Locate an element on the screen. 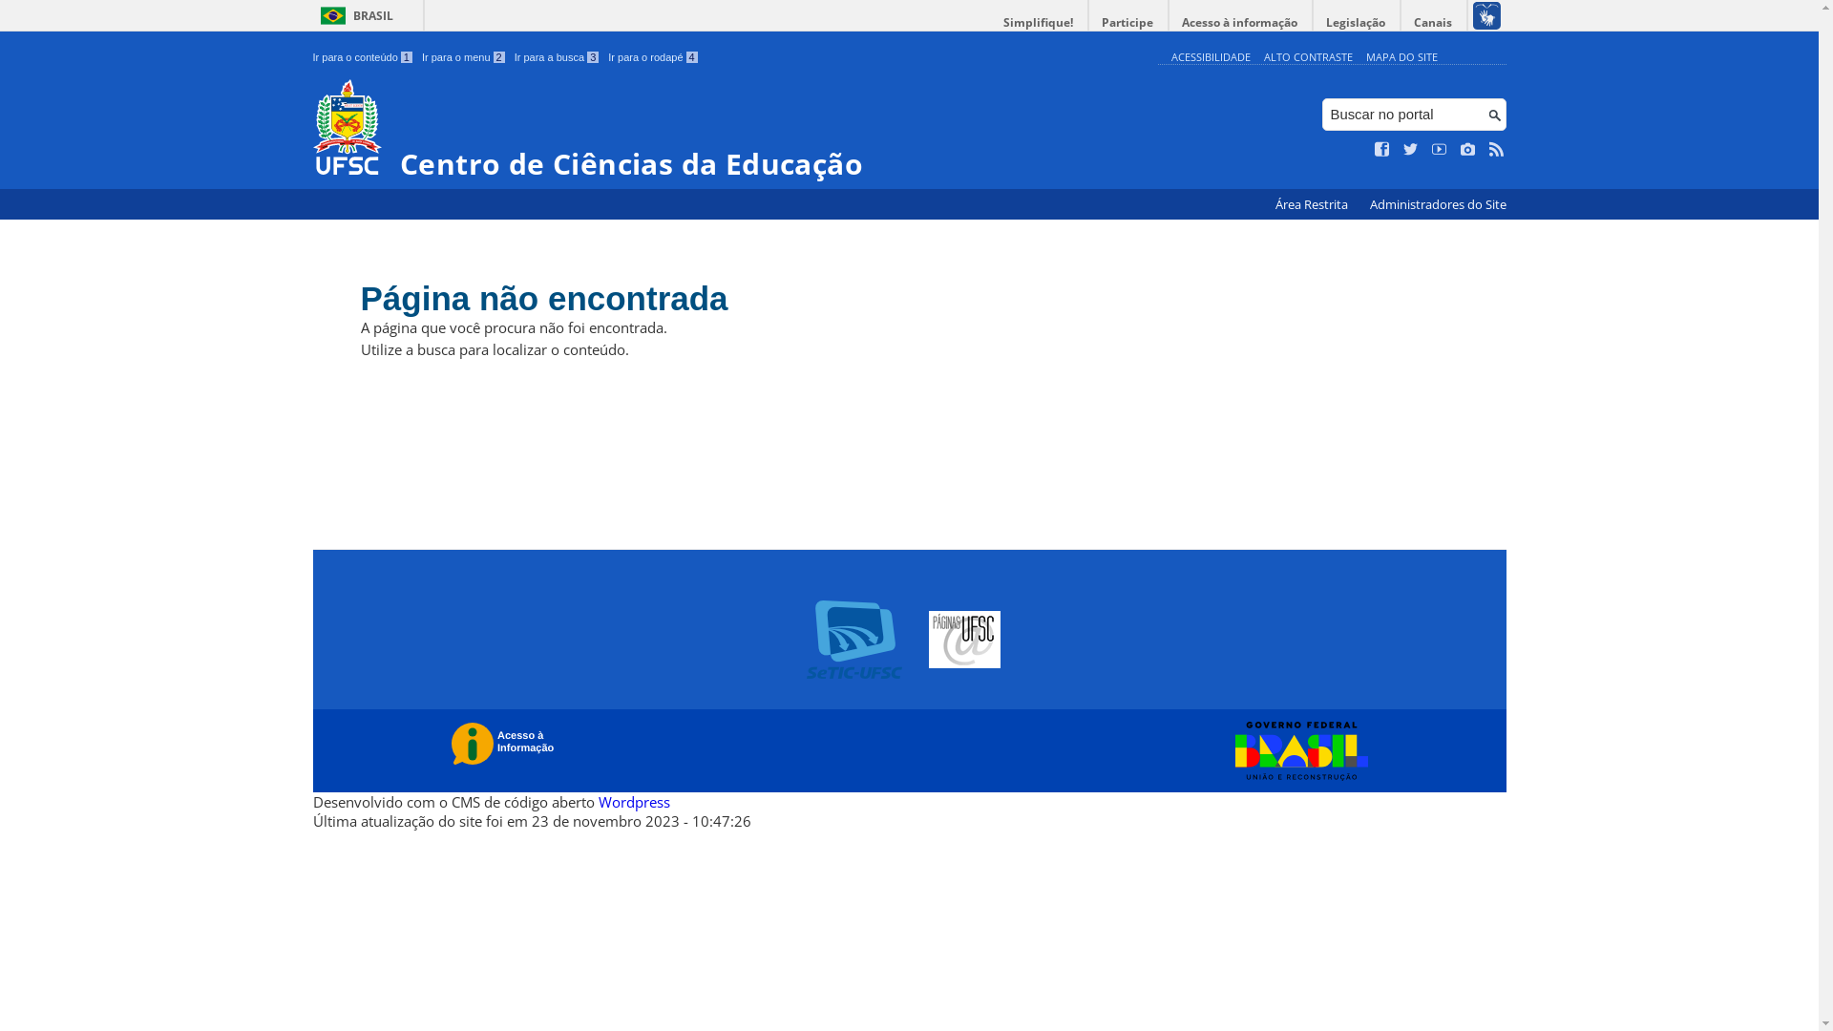 This screenshot has width=1833, height=1031. 'Simplifique!' is located at coordinates (990, 22).